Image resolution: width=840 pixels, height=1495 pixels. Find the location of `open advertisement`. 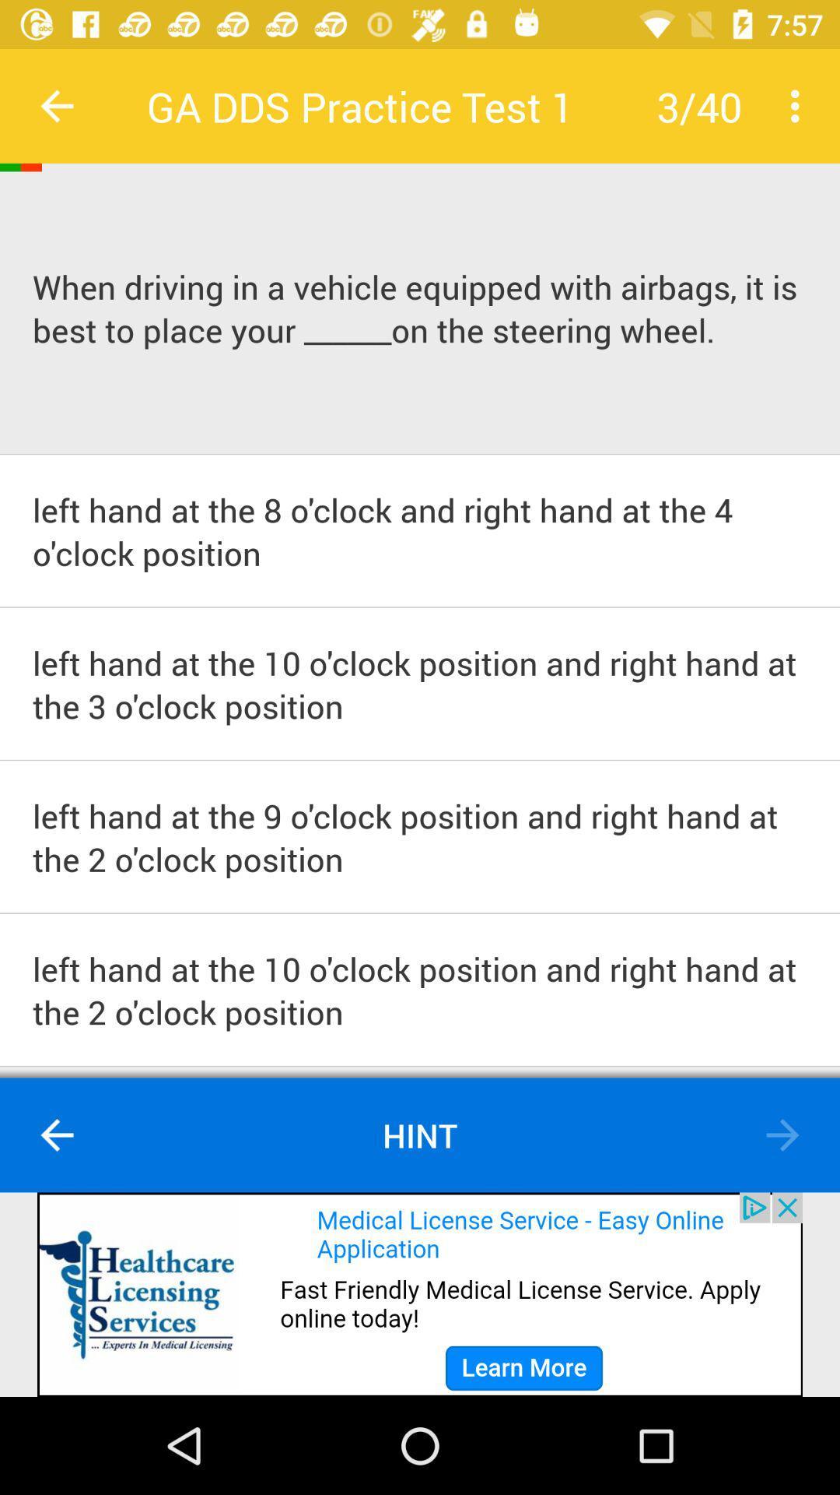

open advertisement is located at coordinates (420, 1294).